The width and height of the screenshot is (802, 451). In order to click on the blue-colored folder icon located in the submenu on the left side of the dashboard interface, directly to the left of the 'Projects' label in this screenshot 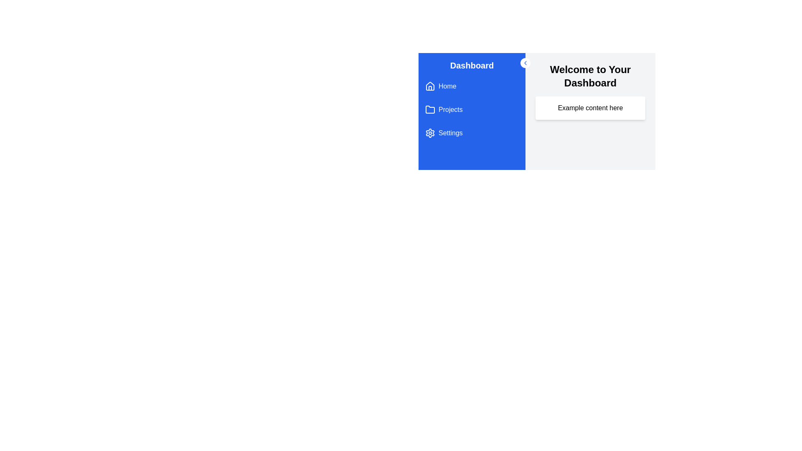, I will do `click(430, 109)`.